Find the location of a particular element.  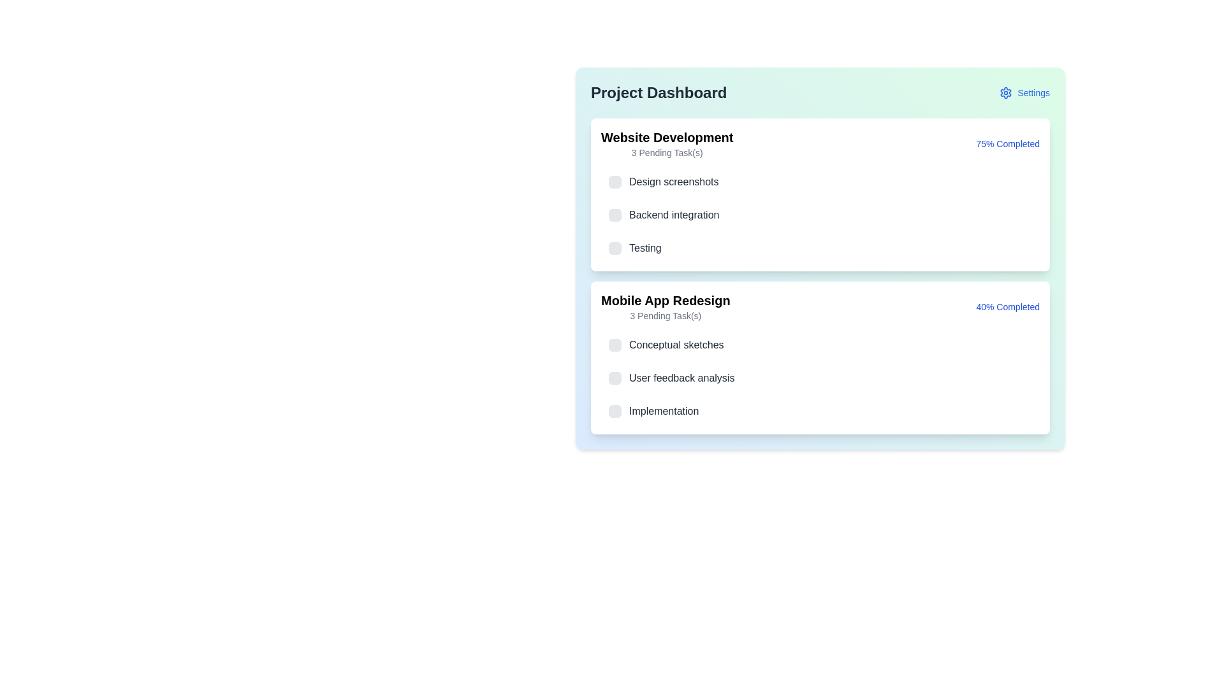

the checkbox of the first task item under the 'Mobile App Redesign' section to mark the task as complete is located at coordinates (820, 345).